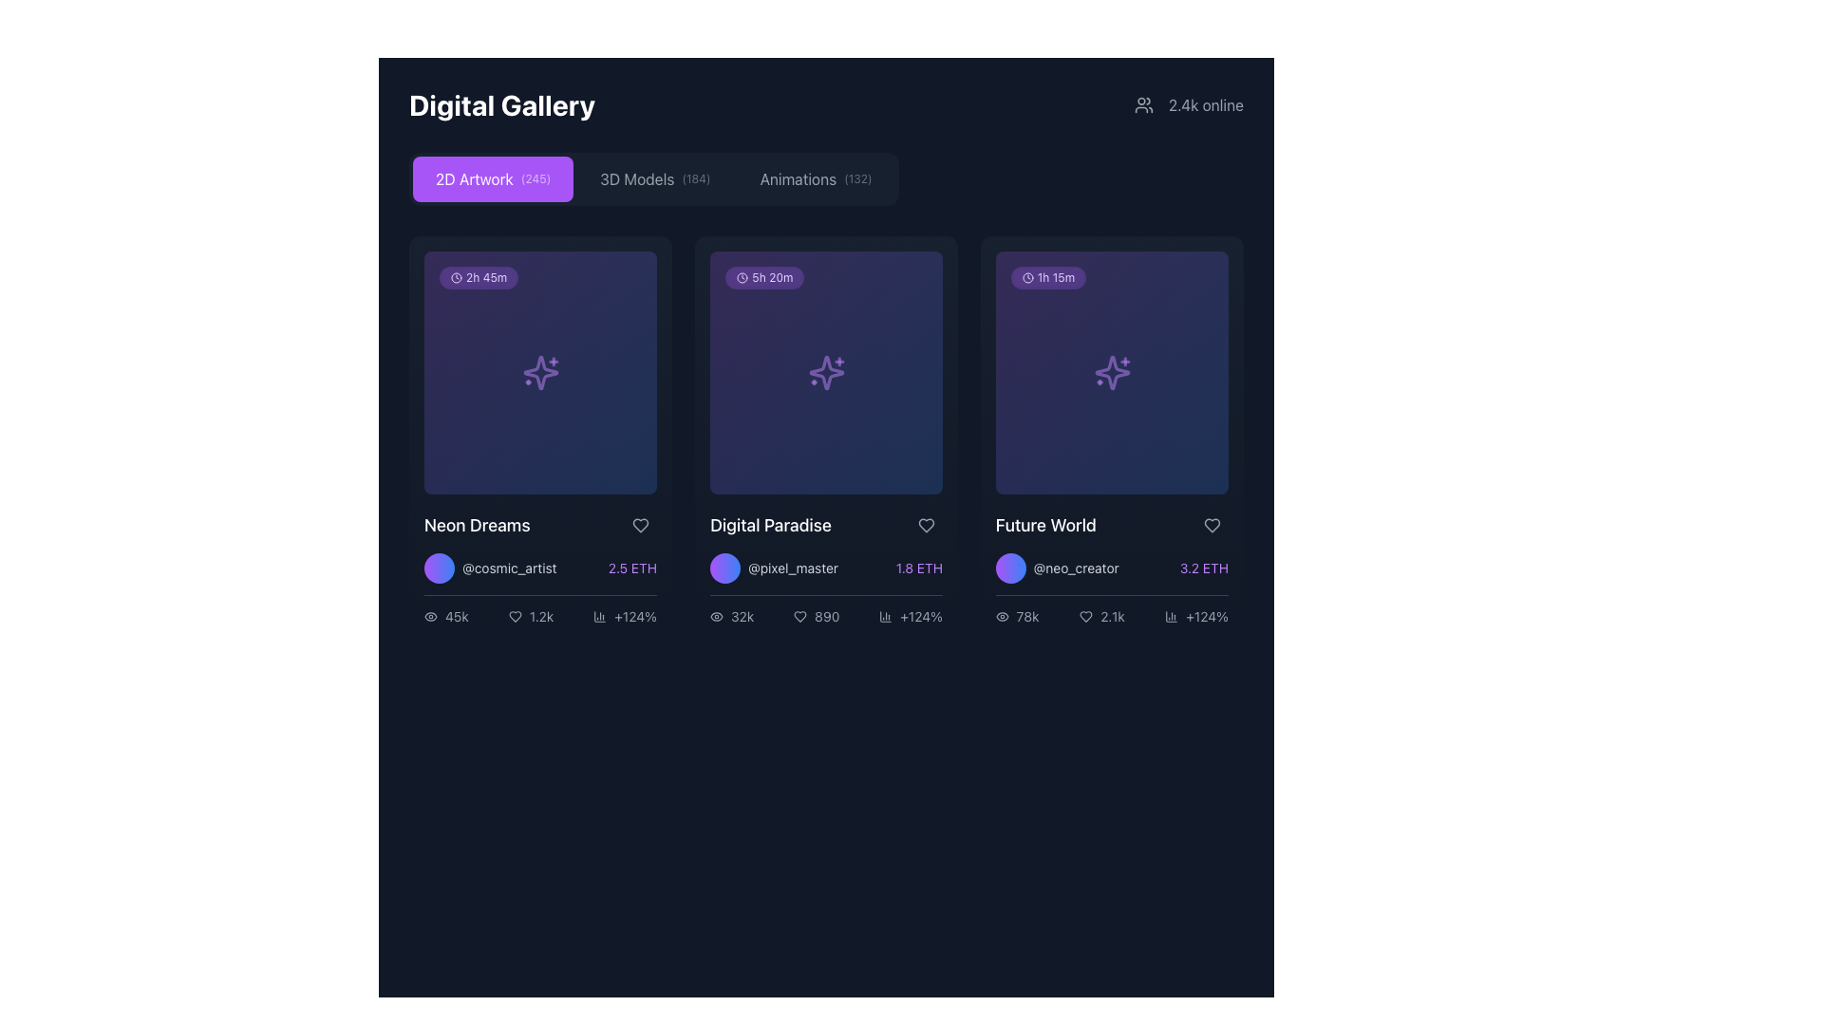 Image resolution: width=1823 pixels, height=1025 pixels. Describe the element at coordinates (515, 617) in the screenshot. I see `the heart-shaped icon` at that location.